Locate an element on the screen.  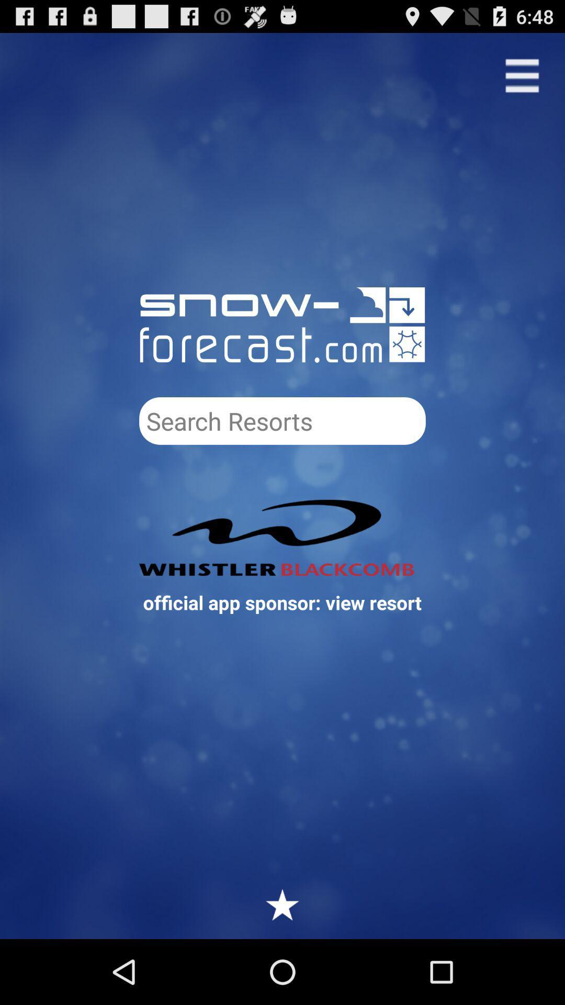
visit whistler blackcomb website is located at coordinates (282, 538).